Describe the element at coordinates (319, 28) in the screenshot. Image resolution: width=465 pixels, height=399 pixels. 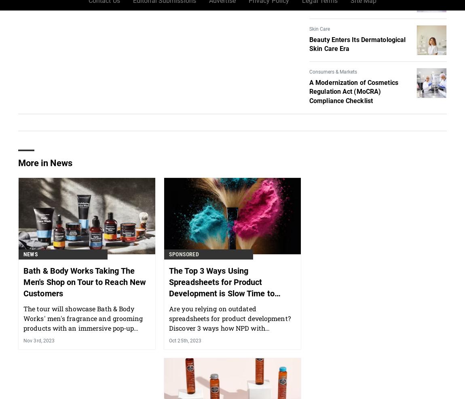
I see `'Skin Care'` at that location.